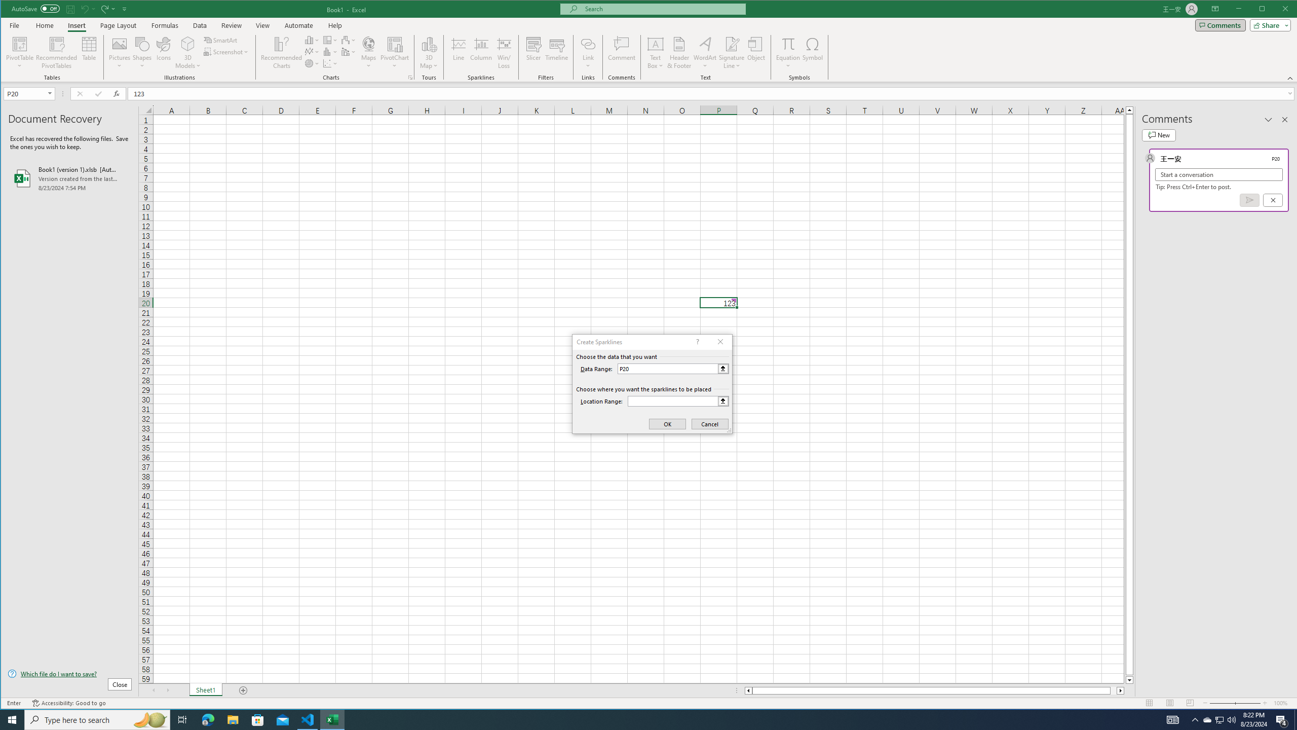 Image resolution: width=1297 pixels, height=730 pixels. What do you see at coordinates (587, 43) in the screenshot?
I see `'Link'` at bounding box center [587, 43].